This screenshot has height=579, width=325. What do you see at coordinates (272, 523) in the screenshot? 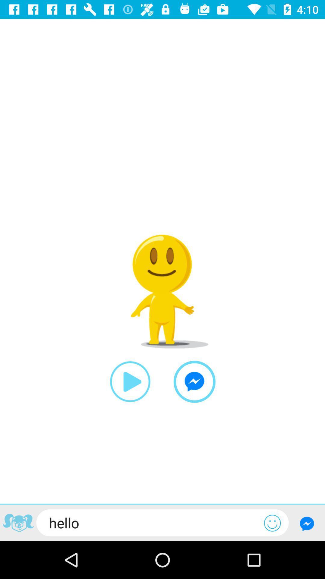
I see `icon next to the hello icon` at bounding box center [272, 523].